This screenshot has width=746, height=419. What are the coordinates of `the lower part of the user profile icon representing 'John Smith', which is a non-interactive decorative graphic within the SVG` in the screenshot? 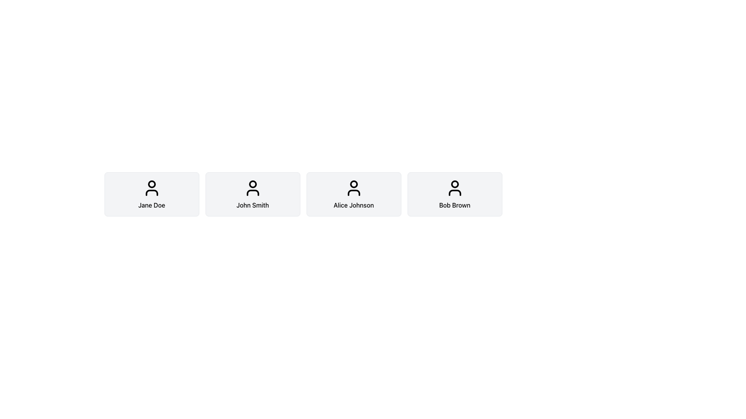 It's located at (253, 192).